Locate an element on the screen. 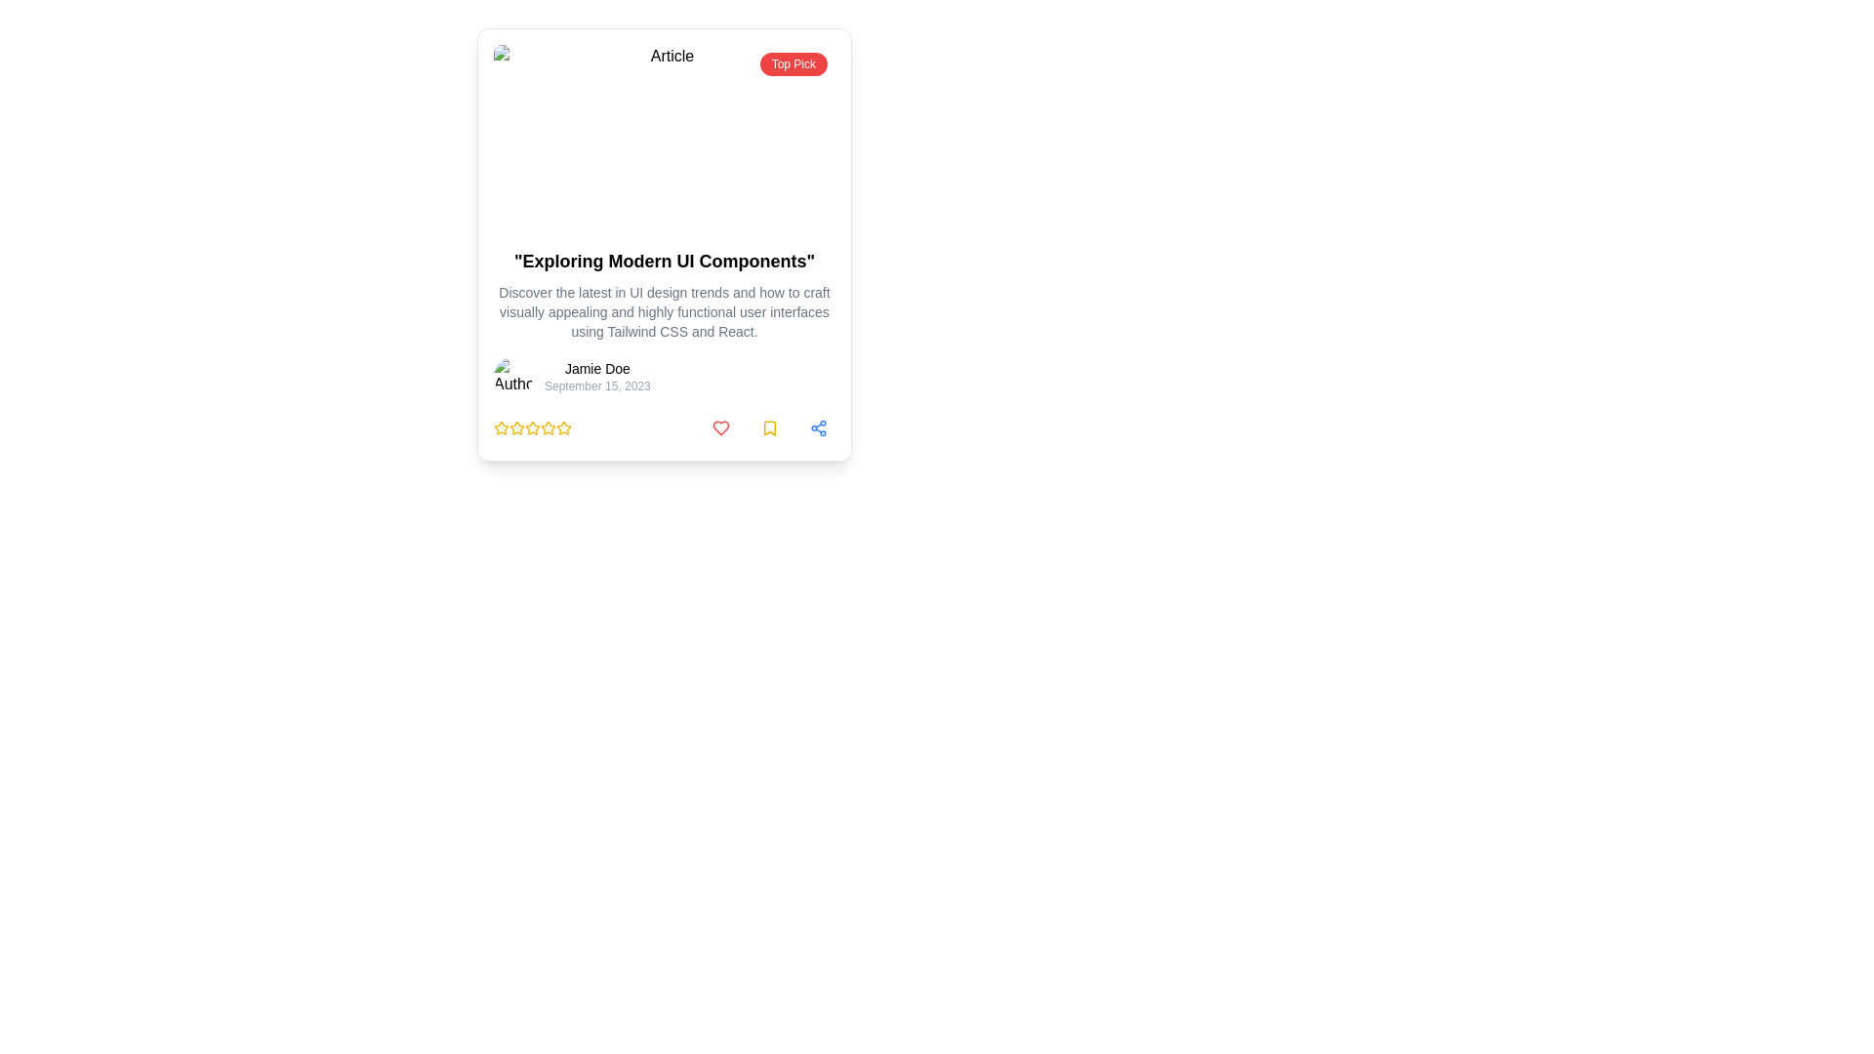 Image resolution: width=1874 pixels, height=1054 pixels. the third star icon in the 5-star rating system located at the bottom of the article card is located at coordinates (533, 427).